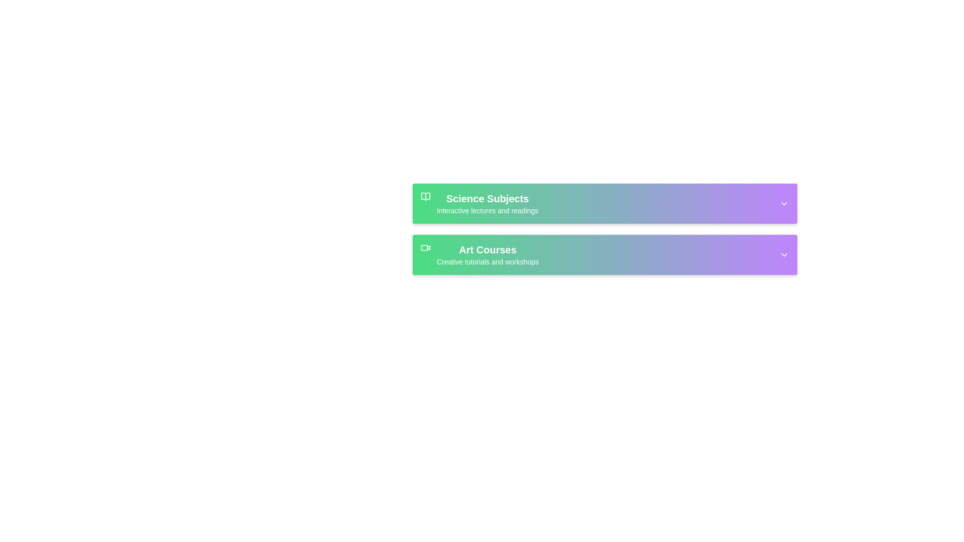 The image size is (964, 542). Describe the element at coordinates (488, 249) in the screenshot. I see `the text element displaying 'Art Courses'` at that location.